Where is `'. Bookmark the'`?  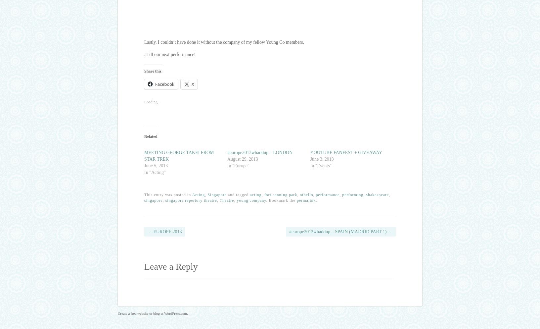
'. Bookmark the' is located at coordinates (266, 200).